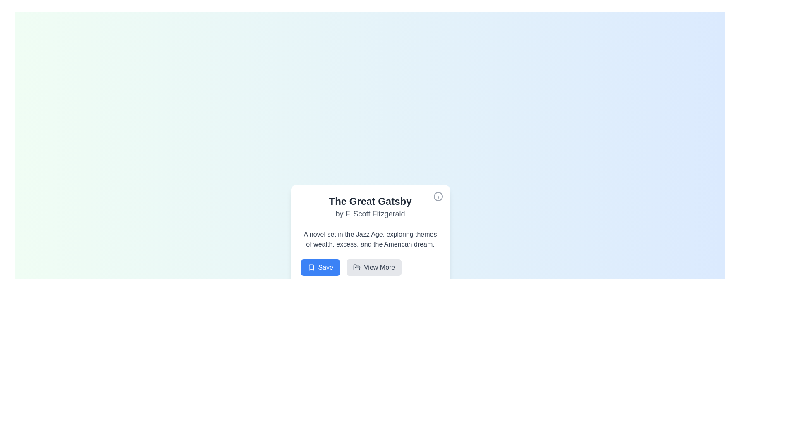  I want to click on the Static Text Display element titled 'The Great Gatsby' which features a subtitle by F. Scott Fitzgerald, located at the top center of the content card, so click(370, 206).